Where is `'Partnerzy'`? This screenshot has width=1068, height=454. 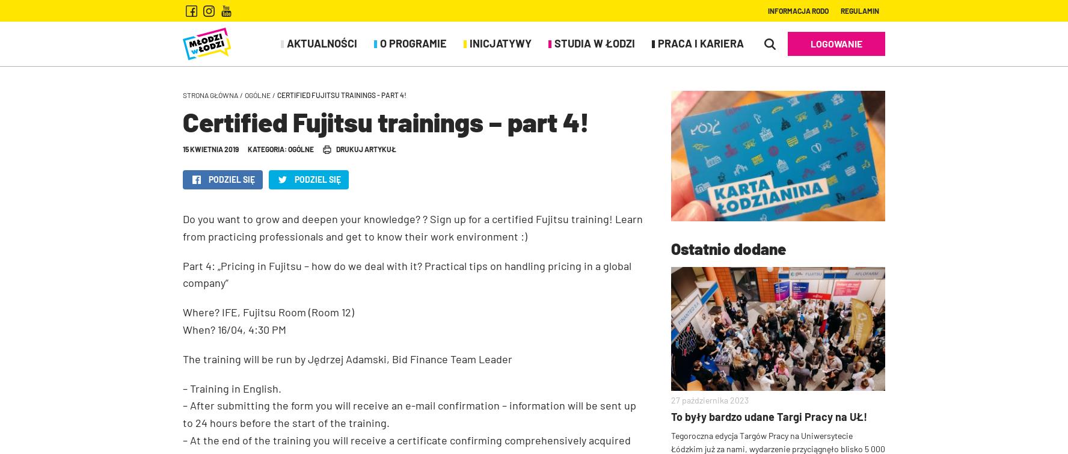 'Partnerzy' is located at coordinates (205, 130).